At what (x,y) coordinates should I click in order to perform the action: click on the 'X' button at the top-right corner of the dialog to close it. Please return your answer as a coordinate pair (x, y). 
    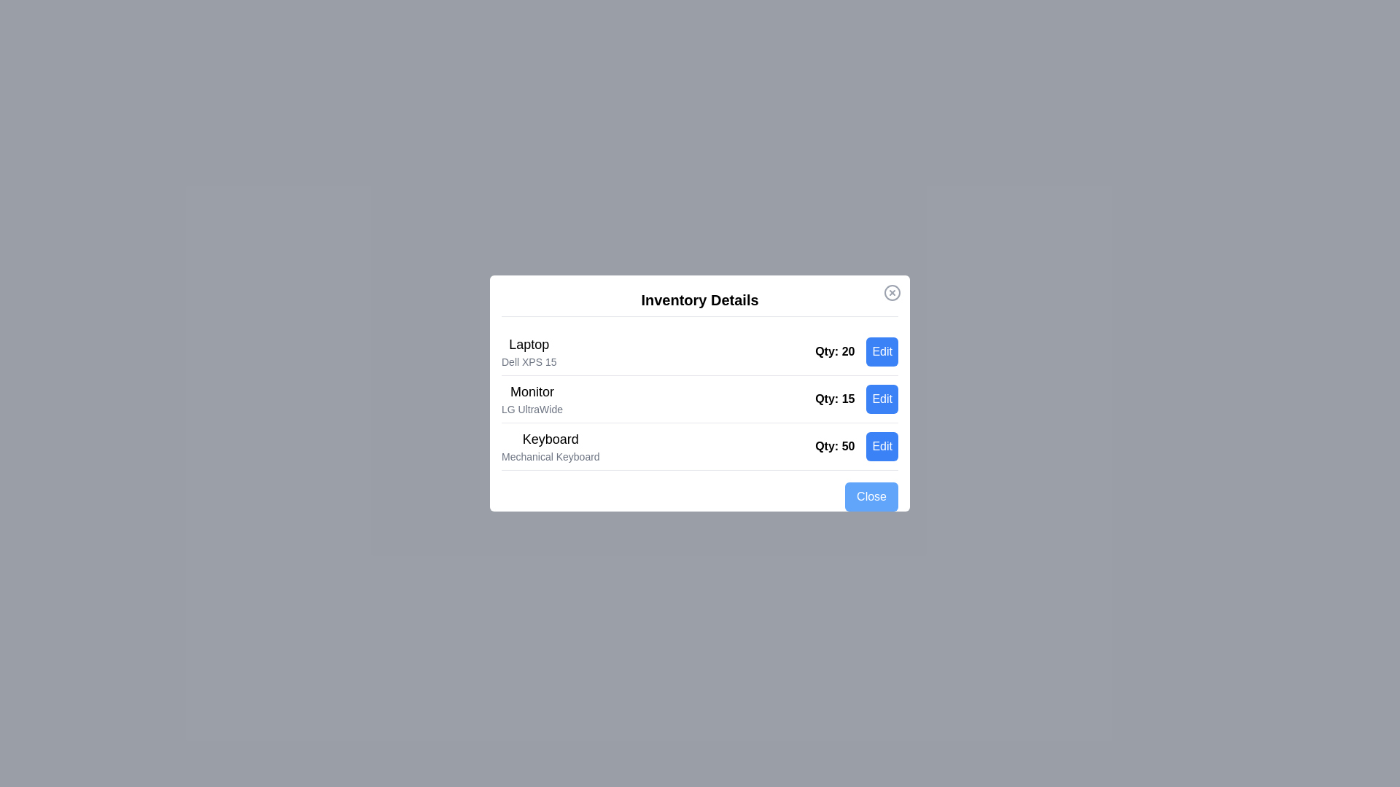
    Looking at the image, I should click on (892, 292).